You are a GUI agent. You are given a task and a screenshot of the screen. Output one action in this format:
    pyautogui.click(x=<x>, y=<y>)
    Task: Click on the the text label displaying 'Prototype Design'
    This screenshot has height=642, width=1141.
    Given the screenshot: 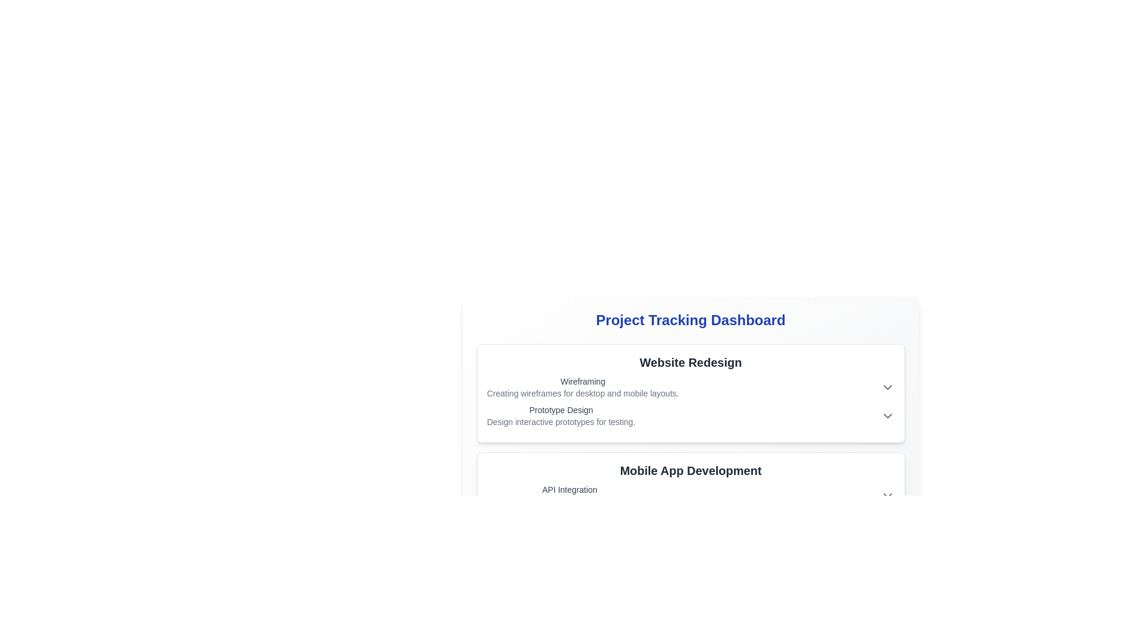 What is the action you would take?
    pyautogui.click(x=560, y=410)
    